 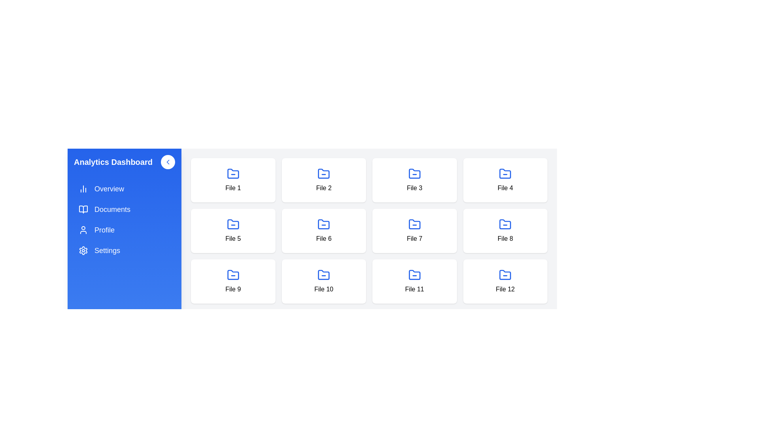 What do you see at coordinates (124, 250) in the screenshot?
I see `the sidebar item Settings to observe interaction feedback` at bounding box center [124, 250].